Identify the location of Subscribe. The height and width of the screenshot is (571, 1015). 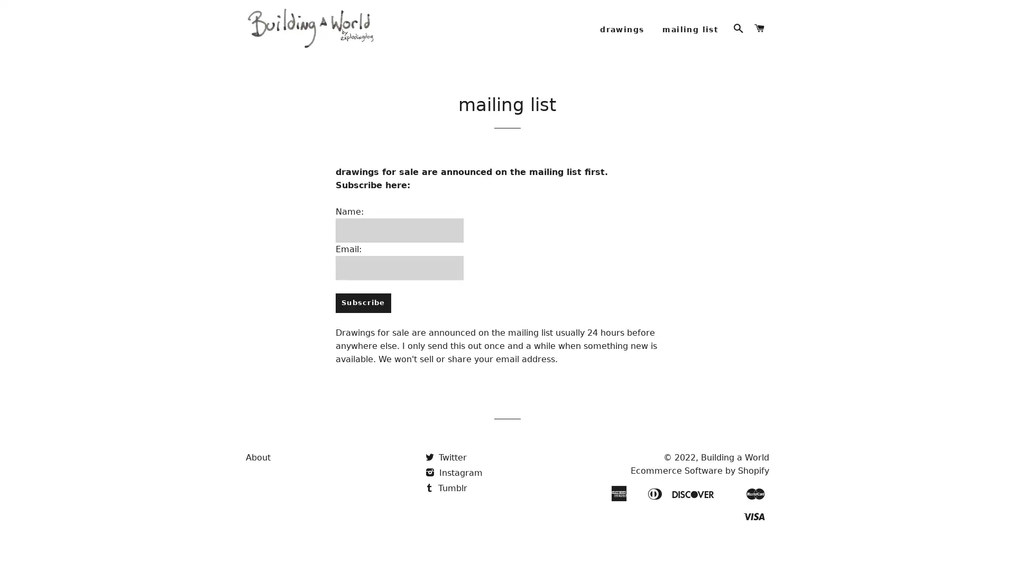
(363, 317).